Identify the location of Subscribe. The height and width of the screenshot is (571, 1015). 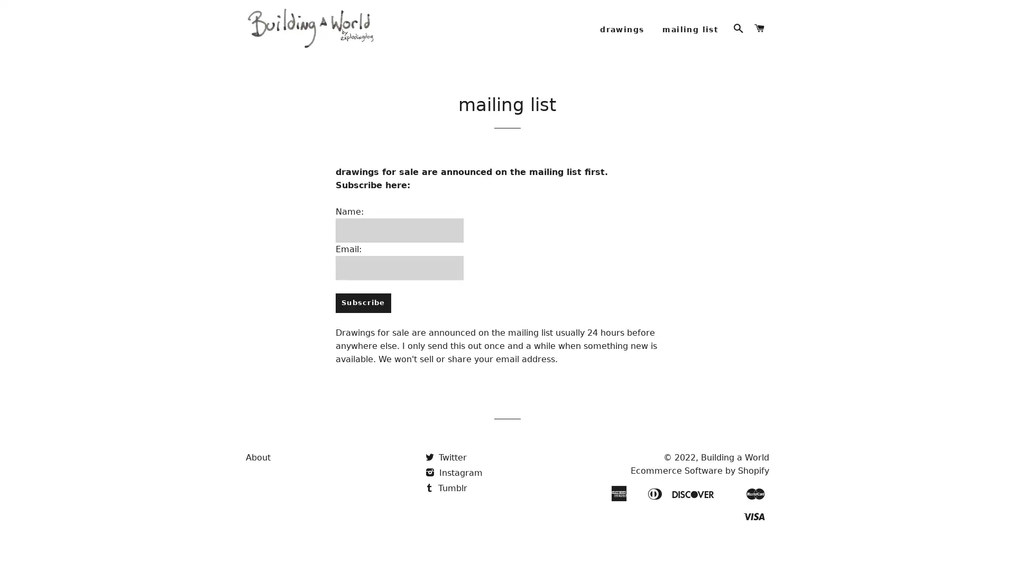
(363, 317).